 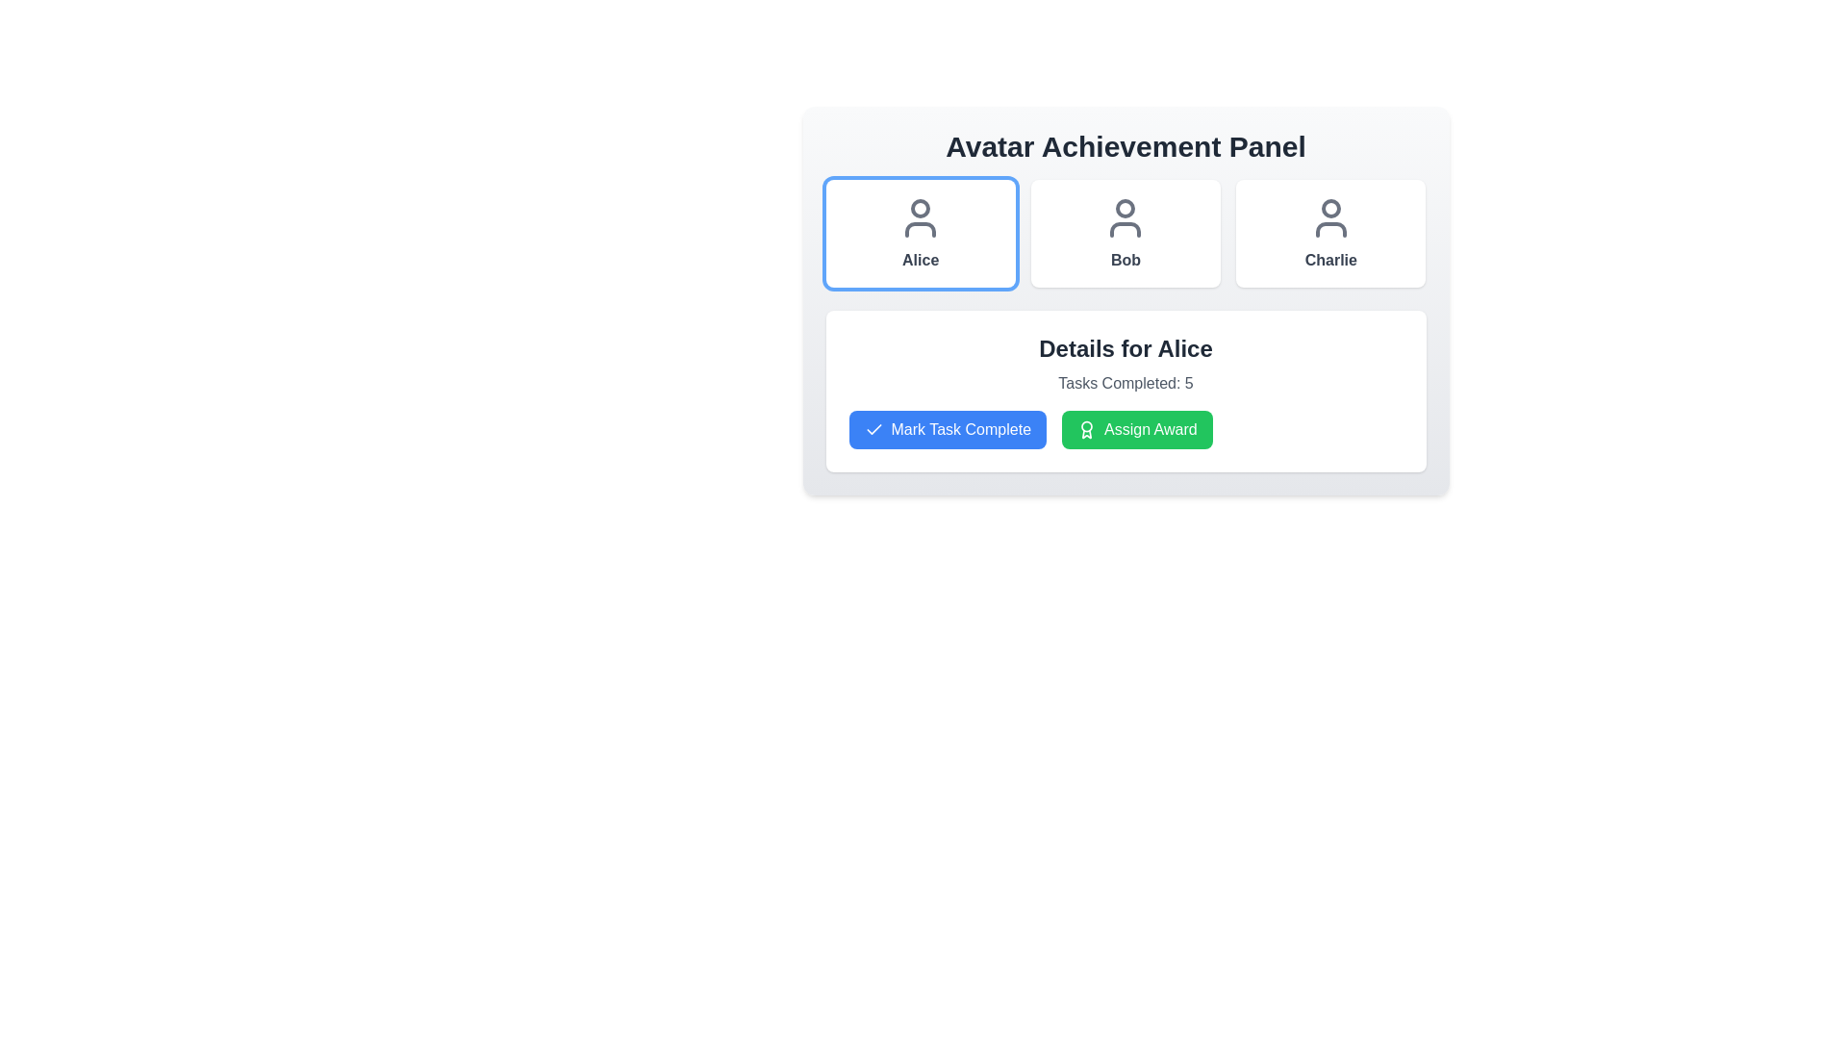 What do you see at coordinates (1329, 217) in the screenshot?
I see `the user icon representing 'Charlie' located in the third card from the left in the top row of the layout` at bounding box center [1329, 217].